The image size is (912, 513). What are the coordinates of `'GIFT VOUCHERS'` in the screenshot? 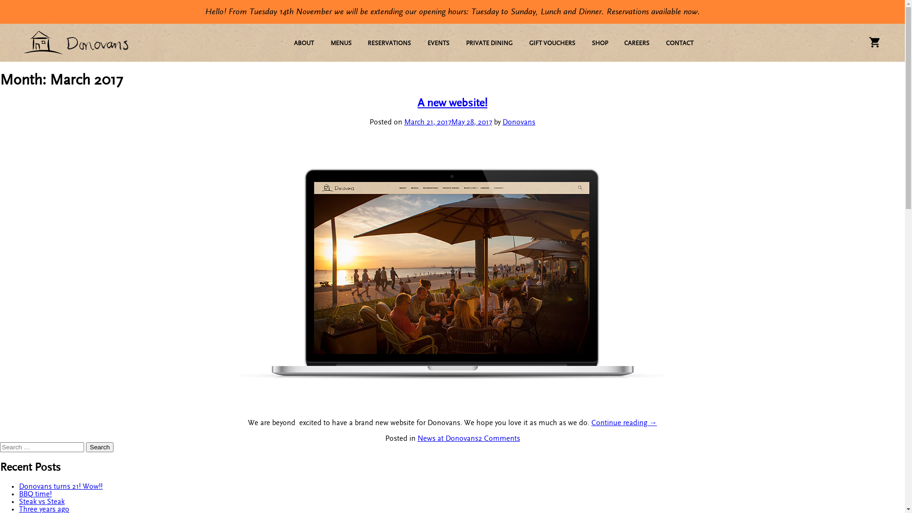 It's located at (552, 43).